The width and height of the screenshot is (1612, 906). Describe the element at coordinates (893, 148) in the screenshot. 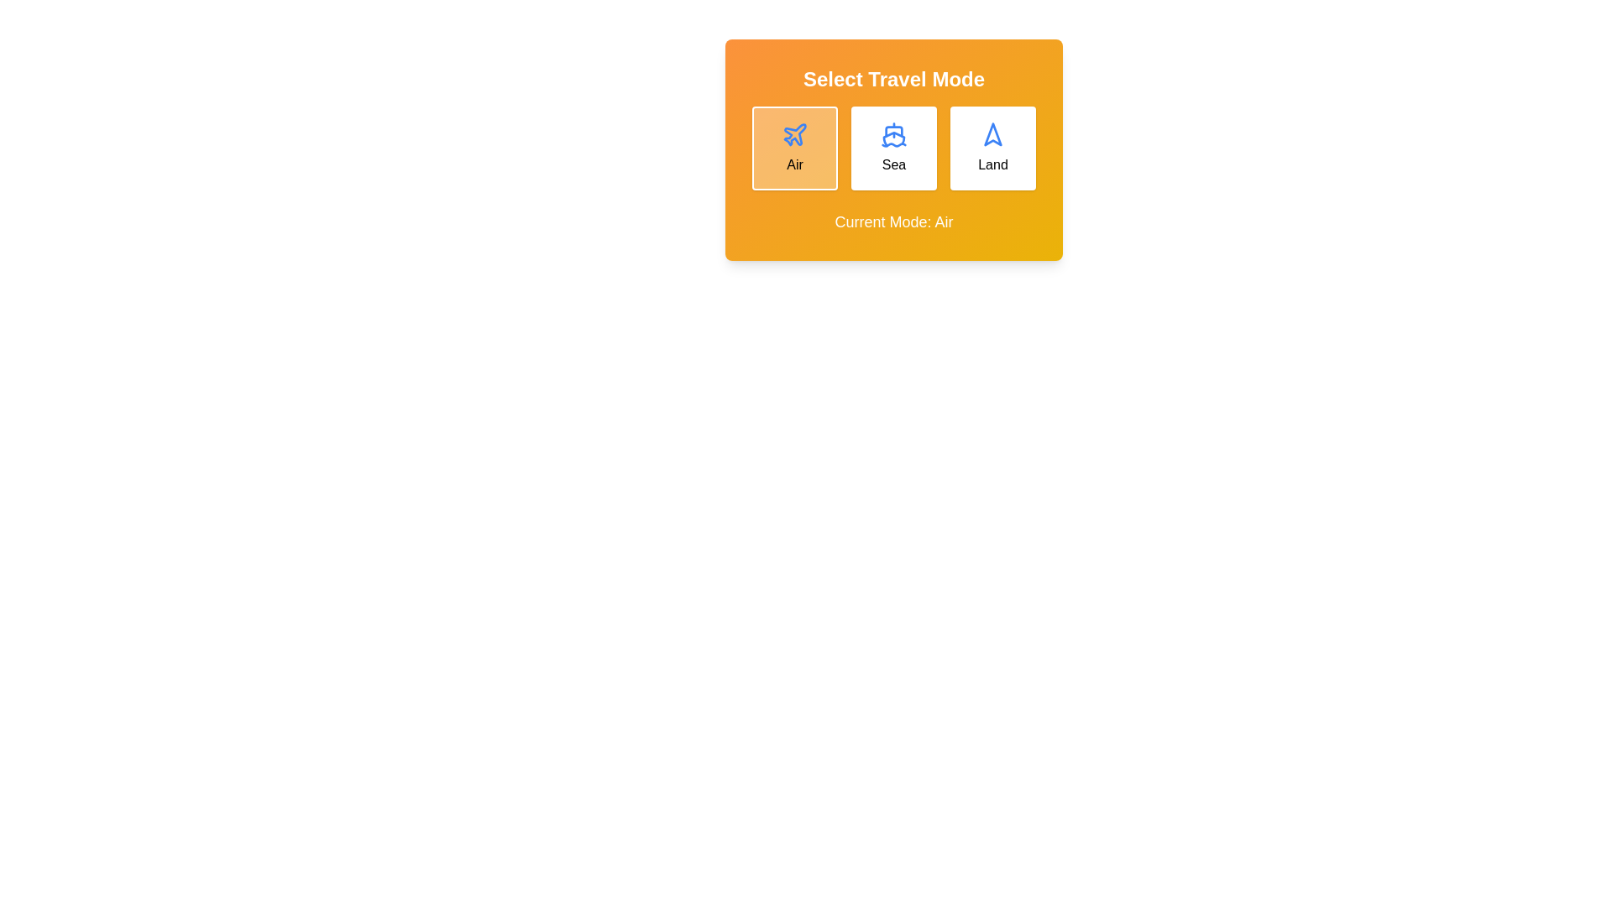

I see `the button corresponding to the travel mode Sea` at that location.